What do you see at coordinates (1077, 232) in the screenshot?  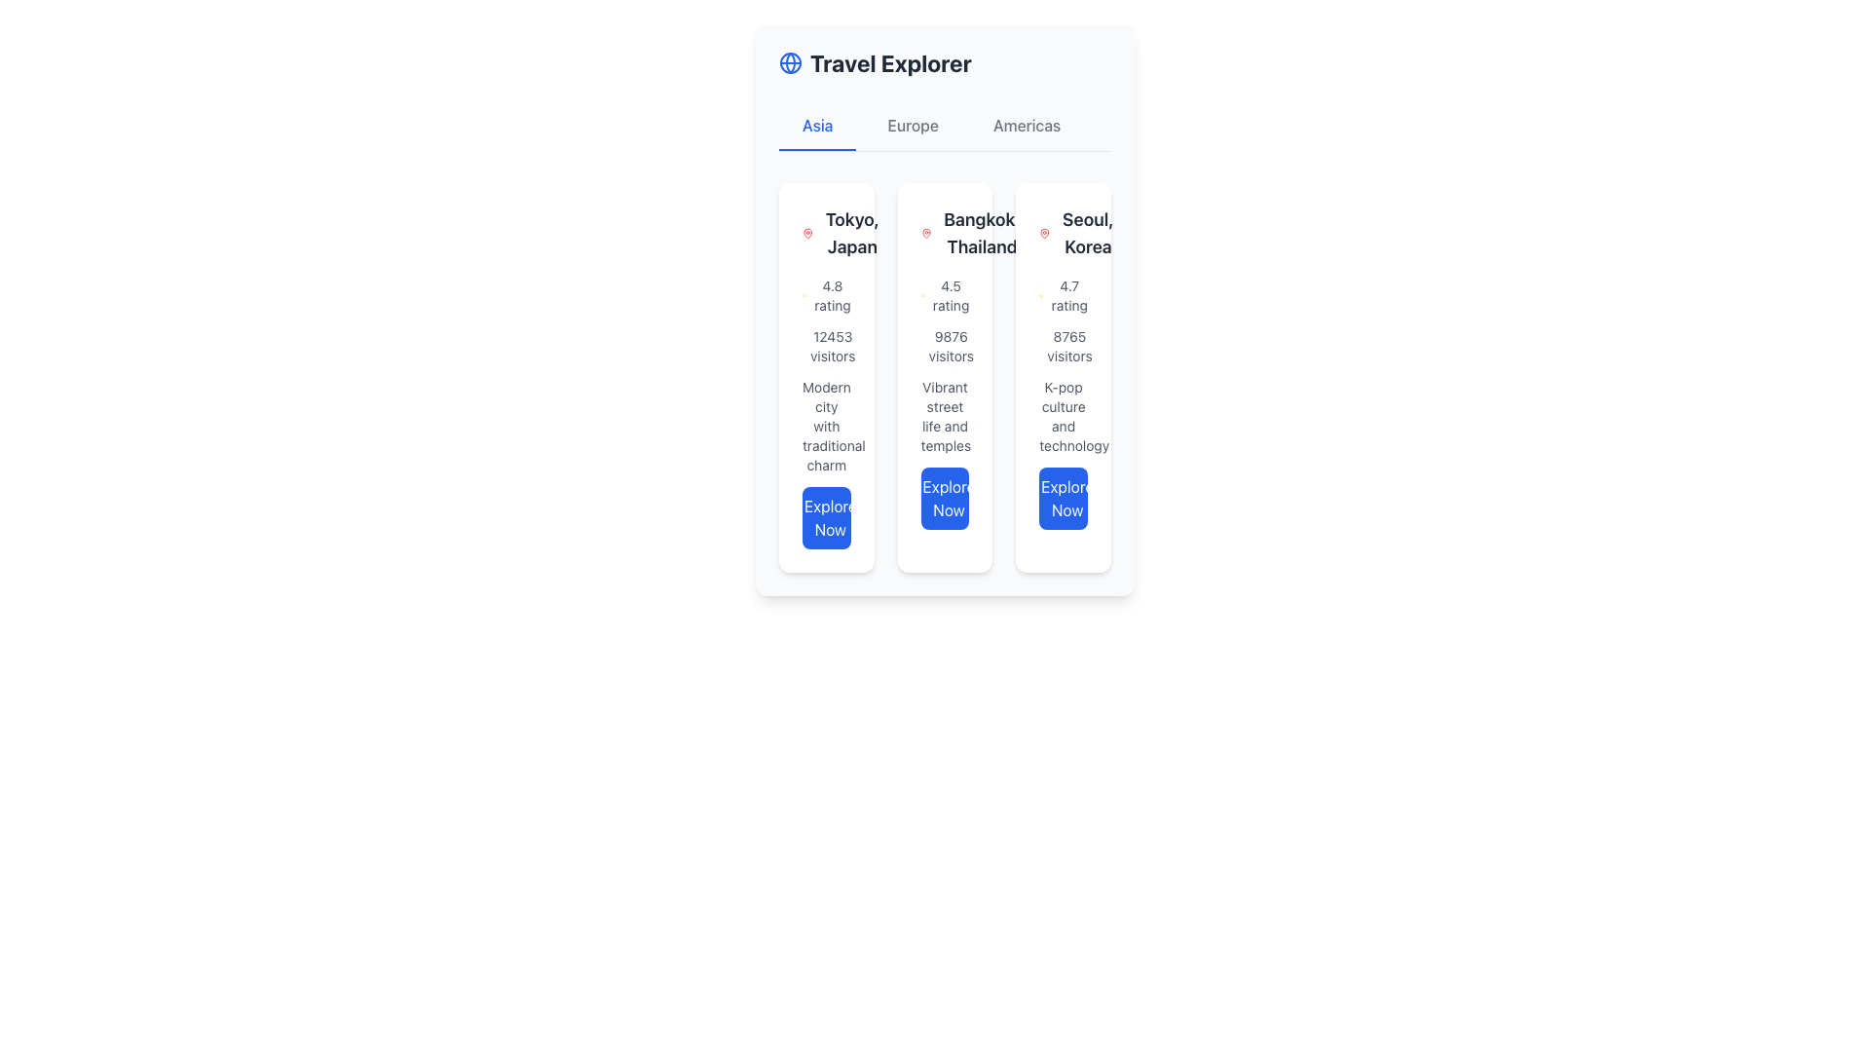 I see `and navigate to the travel destination card for 'Seoul, Korea' located in the third column under the 'Asia' tab of the 'Travel Explorer' interface` at bounding box center [1077, 232].